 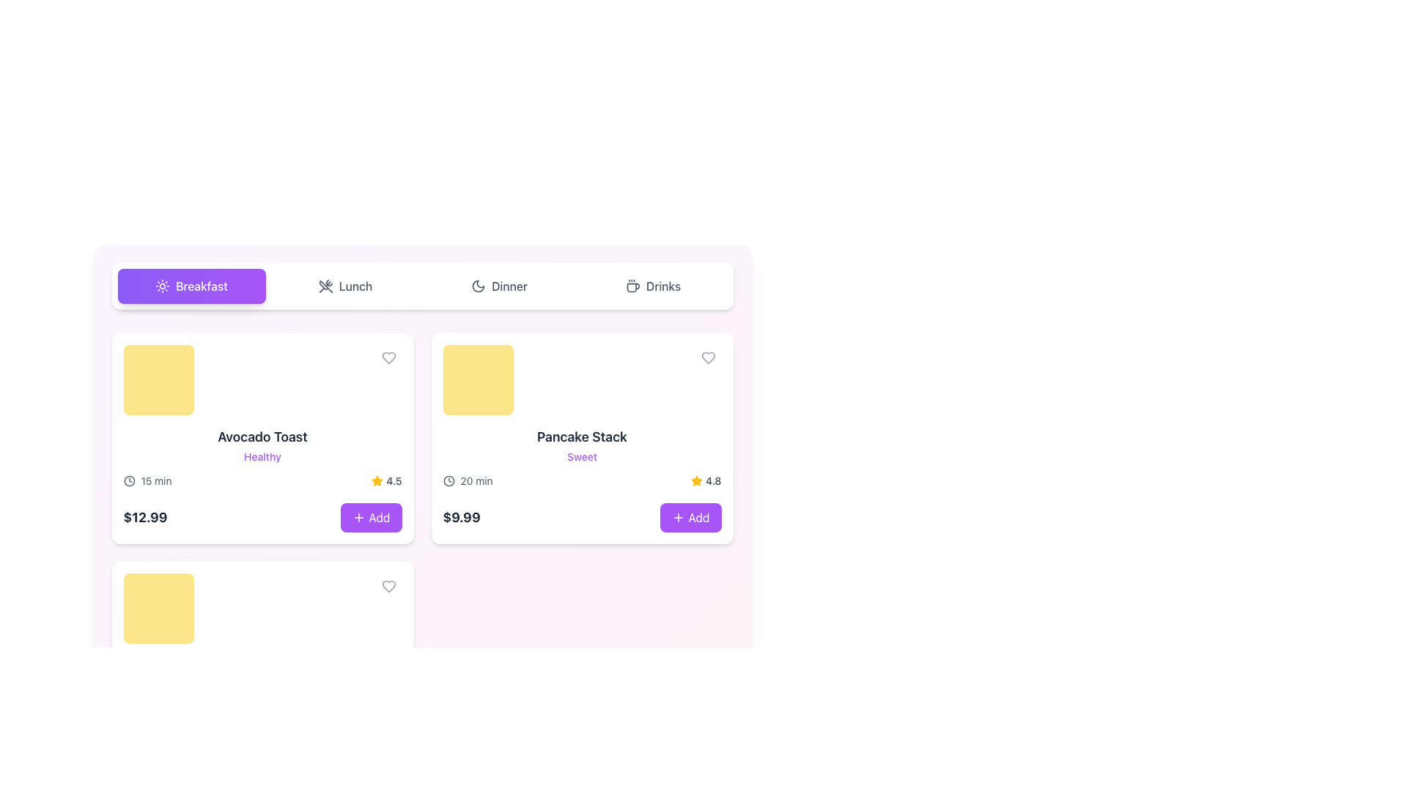 I want to click on the 'Drinks' button, which is styled with gray text and shows a cup icon, so click(x=652, y=286).